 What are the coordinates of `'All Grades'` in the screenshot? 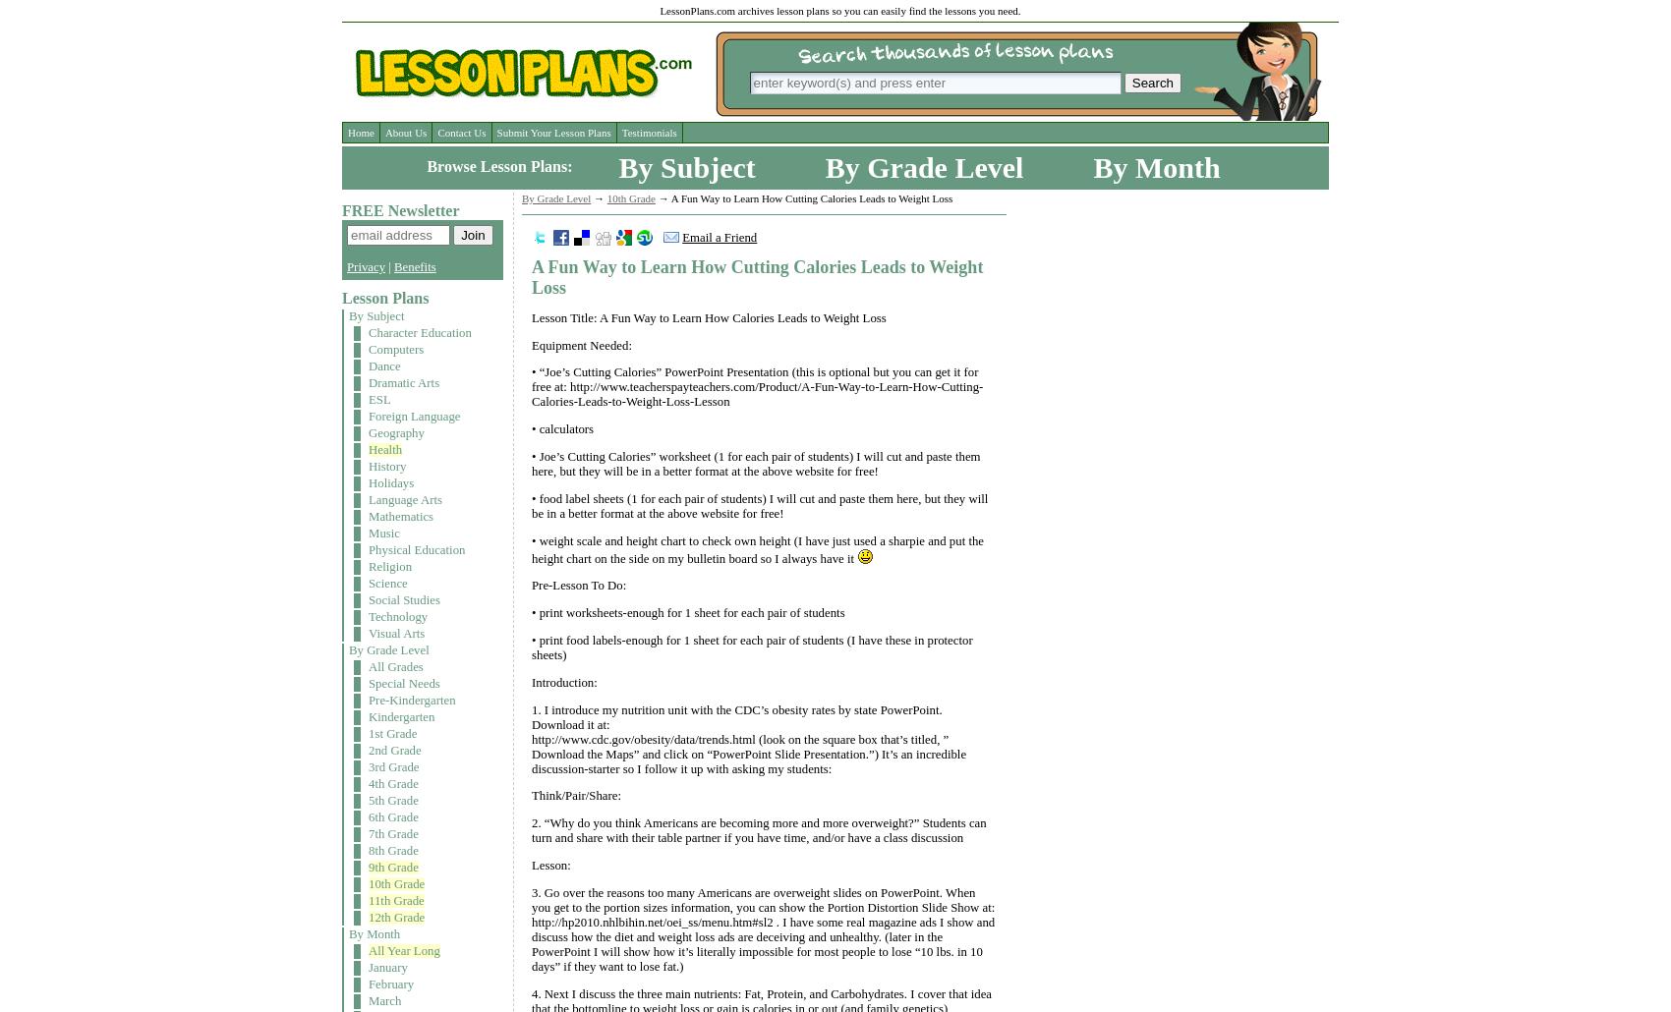 It's located at (394, 665).